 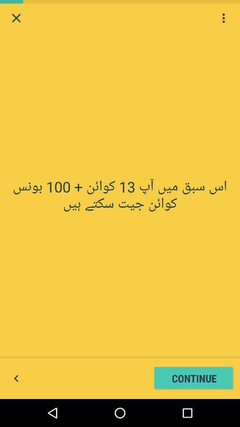 What do you see at coordinates (223, 19) in the screenshot?
I see `the more icon` at bounding box center [223, 19].